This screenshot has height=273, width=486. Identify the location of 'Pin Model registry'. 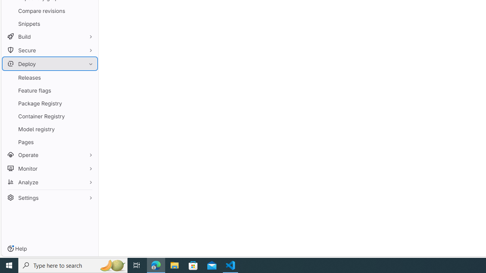
(89, 129).